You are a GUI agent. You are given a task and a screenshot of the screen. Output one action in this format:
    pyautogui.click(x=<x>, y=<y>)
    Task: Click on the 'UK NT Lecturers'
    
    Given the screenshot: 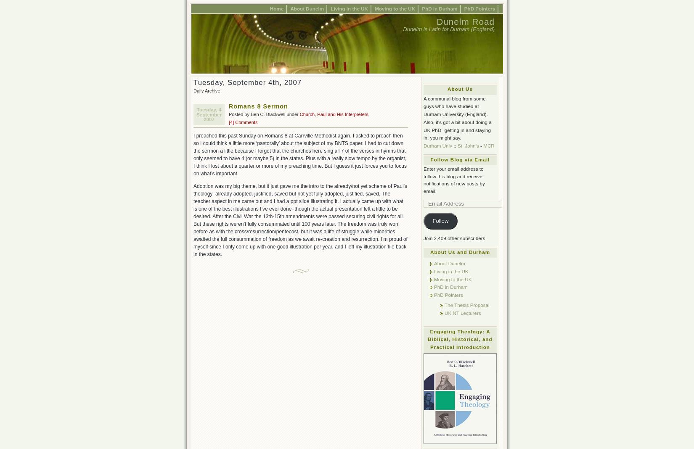 What is the action you would take?
    pyautogui.click(x=463, y=312)
    